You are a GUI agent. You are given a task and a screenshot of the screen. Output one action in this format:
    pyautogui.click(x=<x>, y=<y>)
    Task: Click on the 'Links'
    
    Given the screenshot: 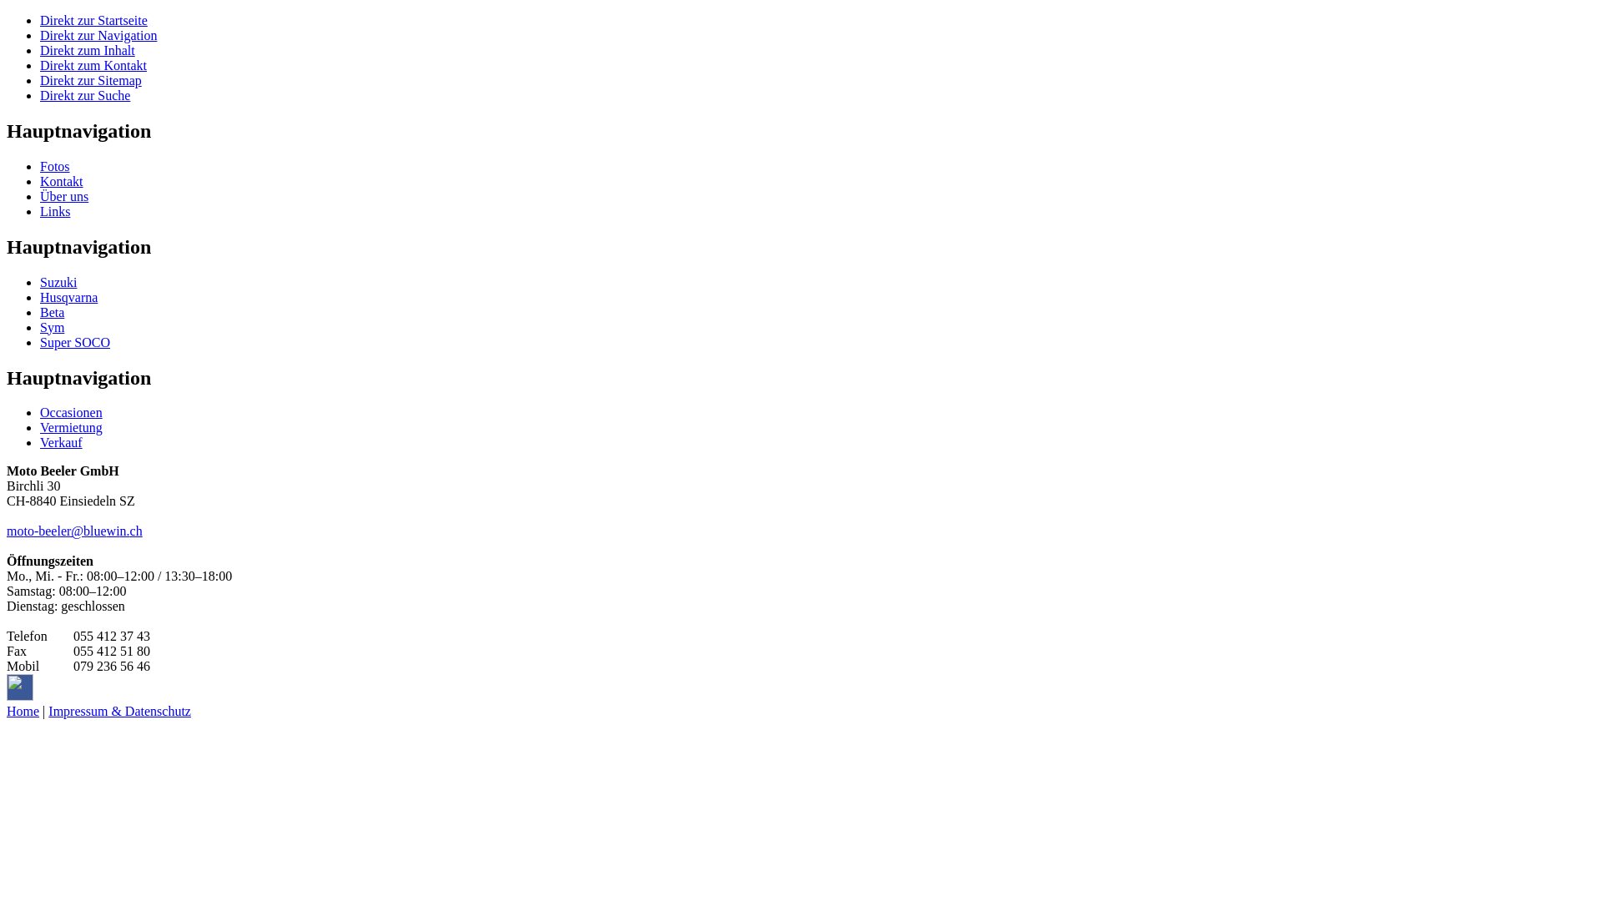 What is the action you would take?
    pyautogui.click(x=55, y=210)
    